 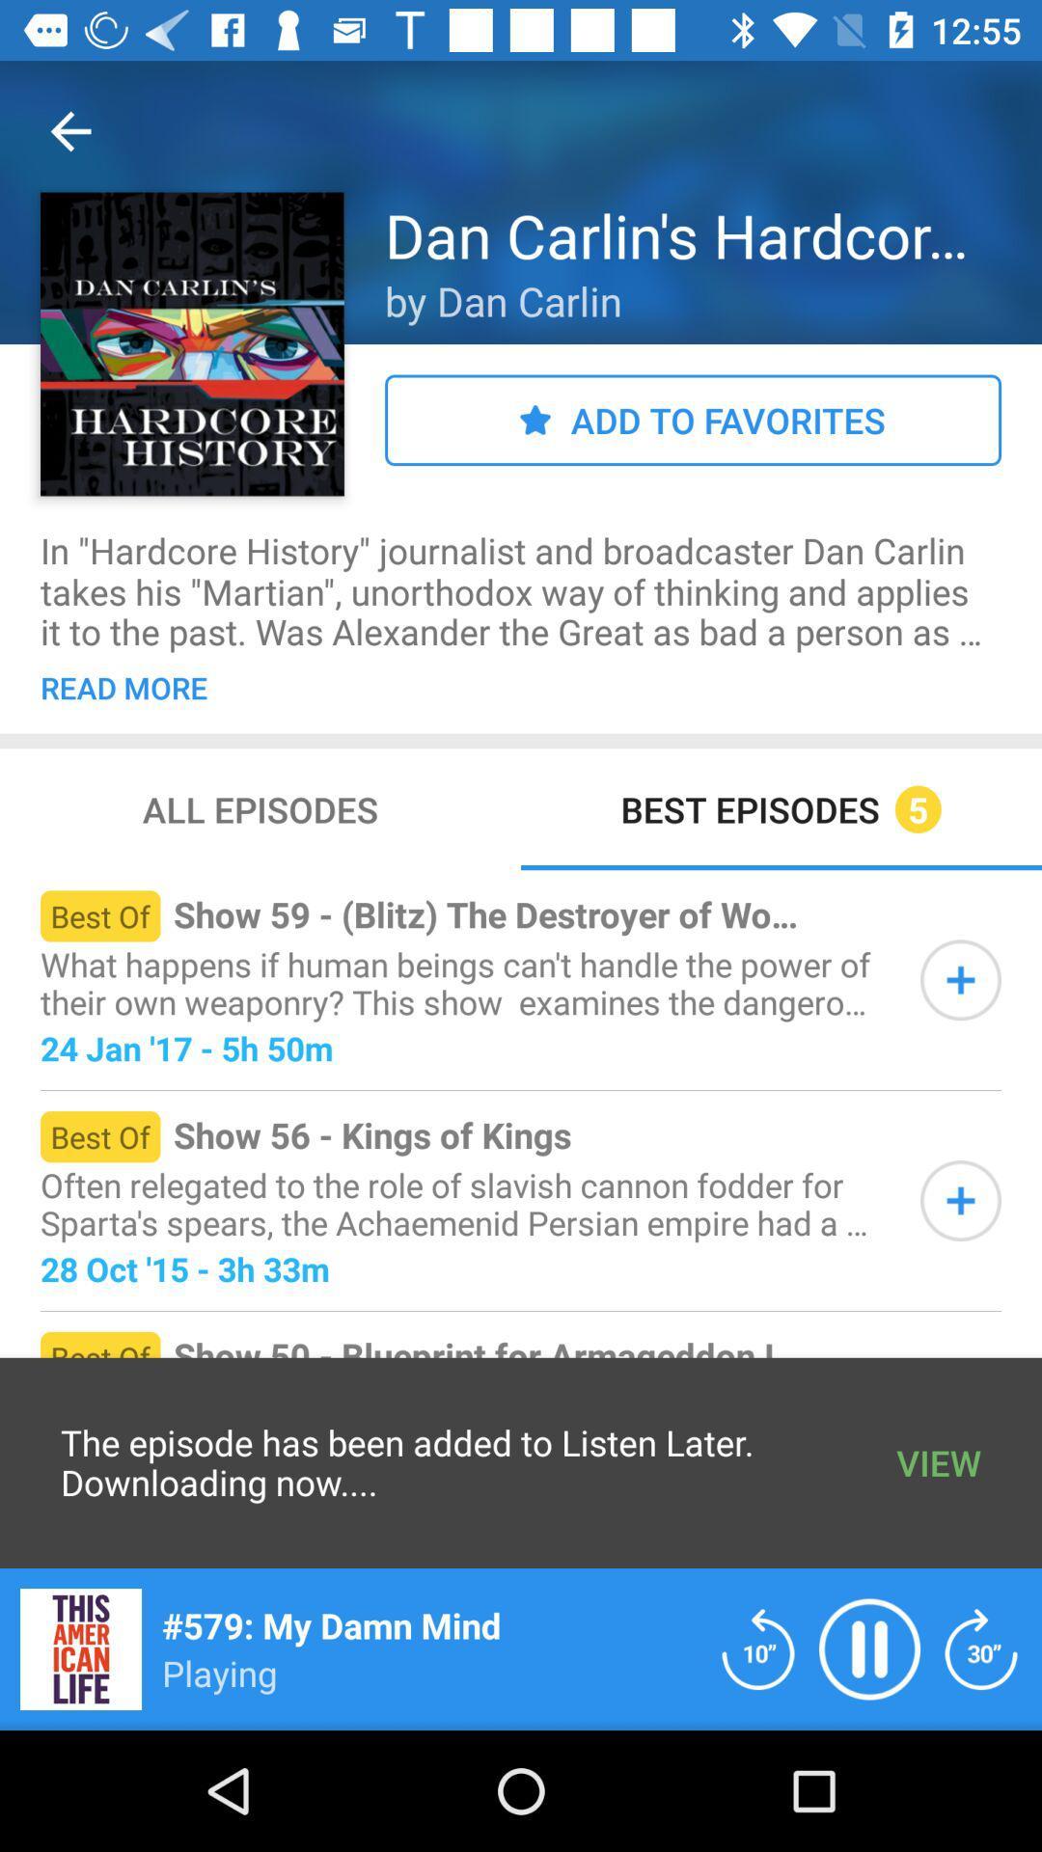 What do you see at coordinates (869, 1648) in the screenshot?
I see `the pause icon` at bounding box center [869, 1648].